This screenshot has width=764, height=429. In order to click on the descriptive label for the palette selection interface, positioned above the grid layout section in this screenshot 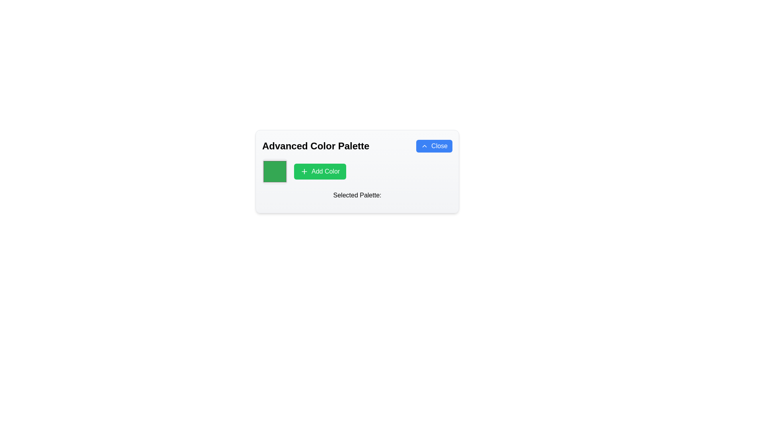, I will do `click(357, 195)`.